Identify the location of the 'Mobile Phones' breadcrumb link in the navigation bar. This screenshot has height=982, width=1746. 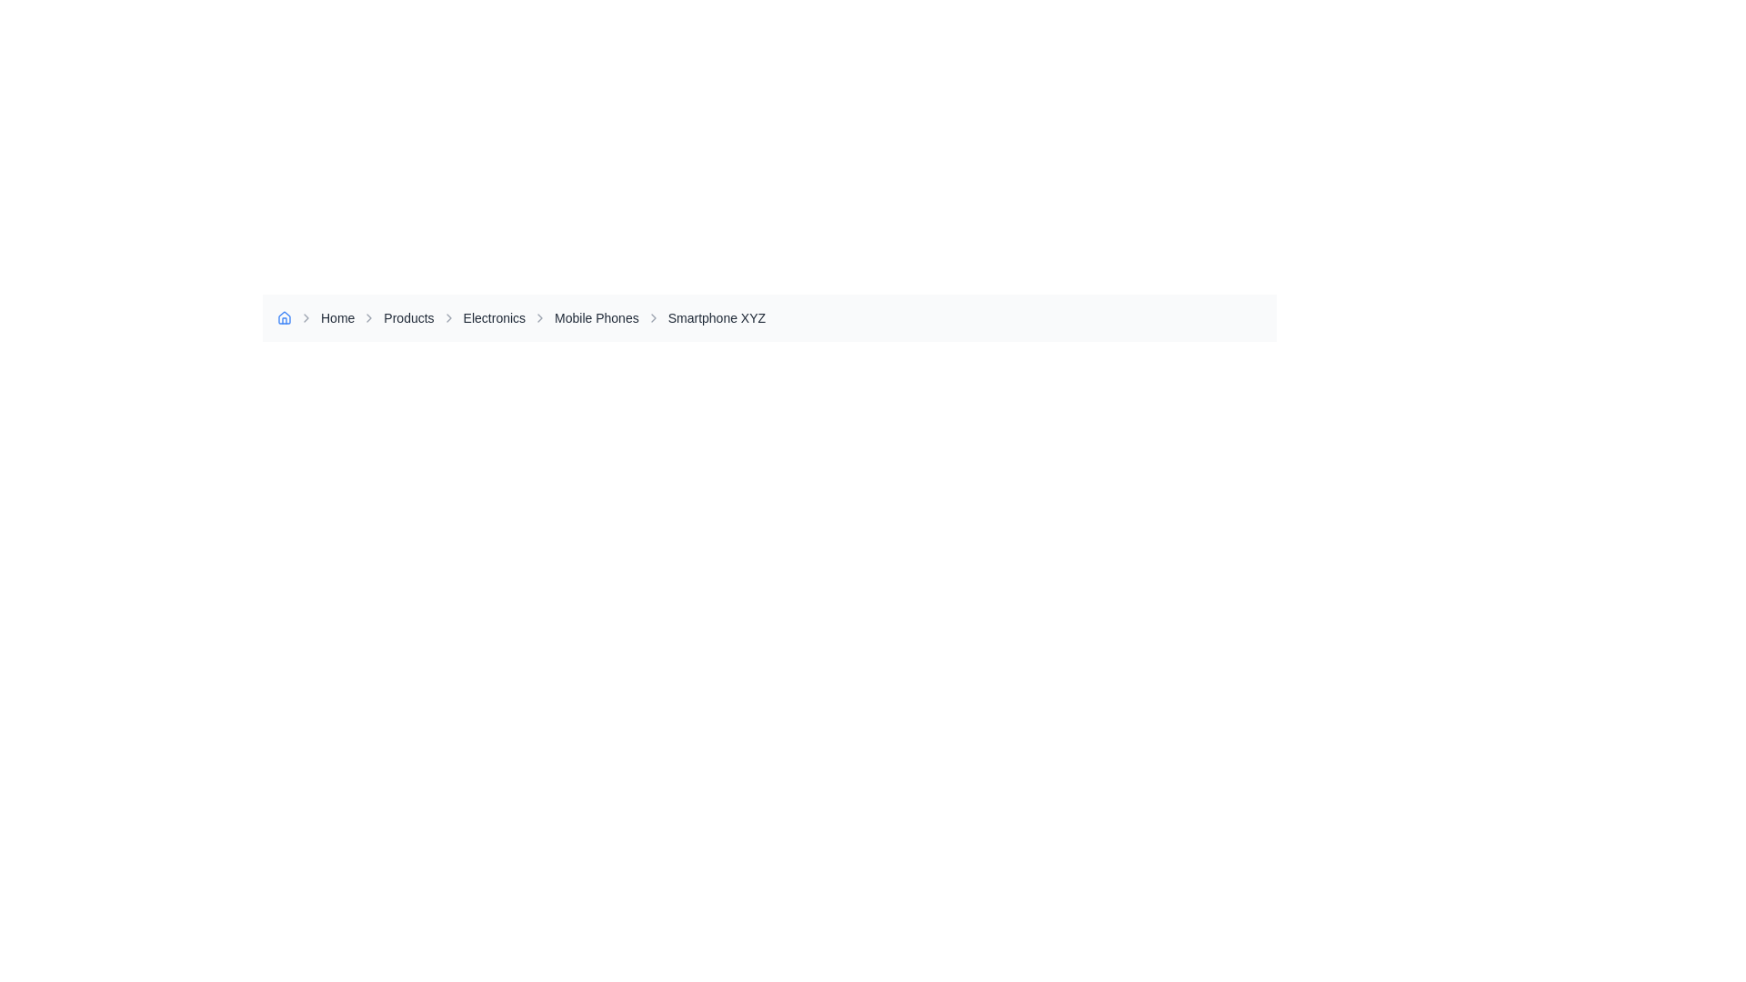
(597, 317).